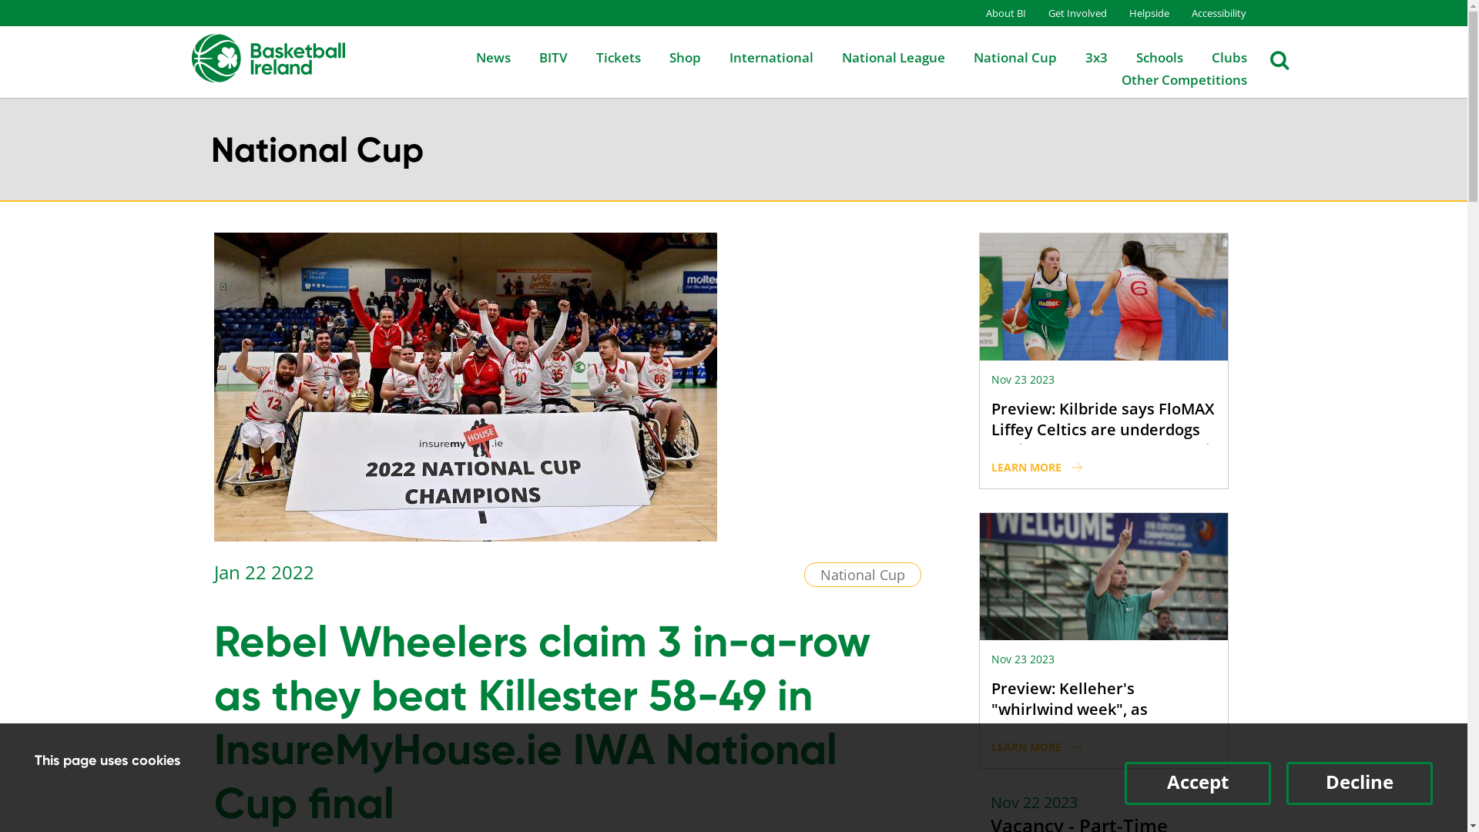 This screenshot has height=832, width=1479. What do you see at coordinates (1207, 12) in the screenshot?
I see `'Accessibility'` at bounding box center [1207, 12].